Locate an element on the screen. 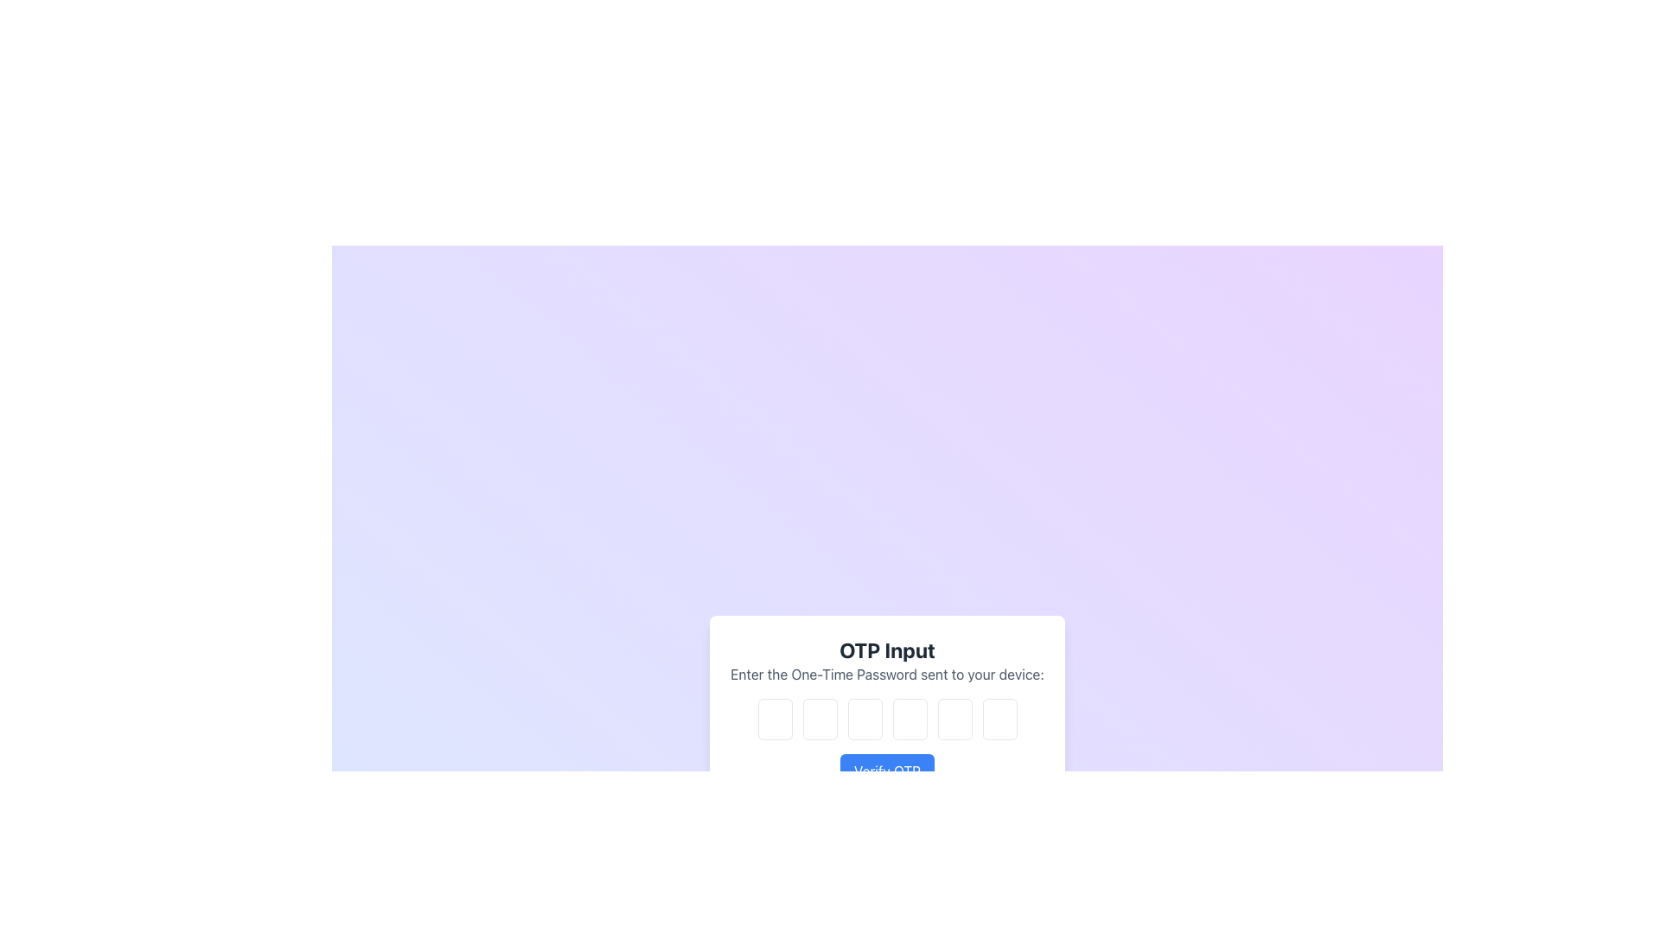 The width and height of the screenshot is (1660, 934). the 'OTP Input' text label, which is styled in large, bold, sans-serif font and has a dark gray color, located at the top of the panel above the OTP input boxes is located at coordinates (887, 650).